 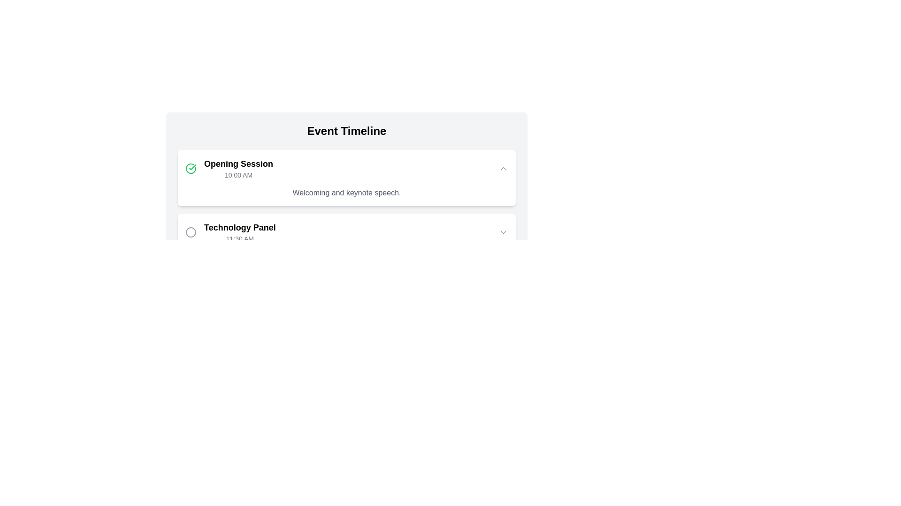 What do you see at coordinates (240, 238) in the screenshot?
I see `the Text label displaying '11:30 AM', which is located below the 'Technology Panel' heading in the event timeline layout` at bounding box center [240, 238].